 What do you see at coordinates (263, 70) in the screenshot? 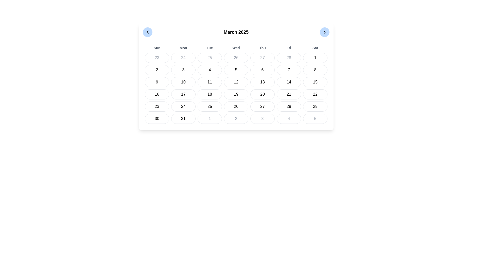
I see `the circular button labeled '6' with a white background and rounded edges` at bounding box center [263, 70].